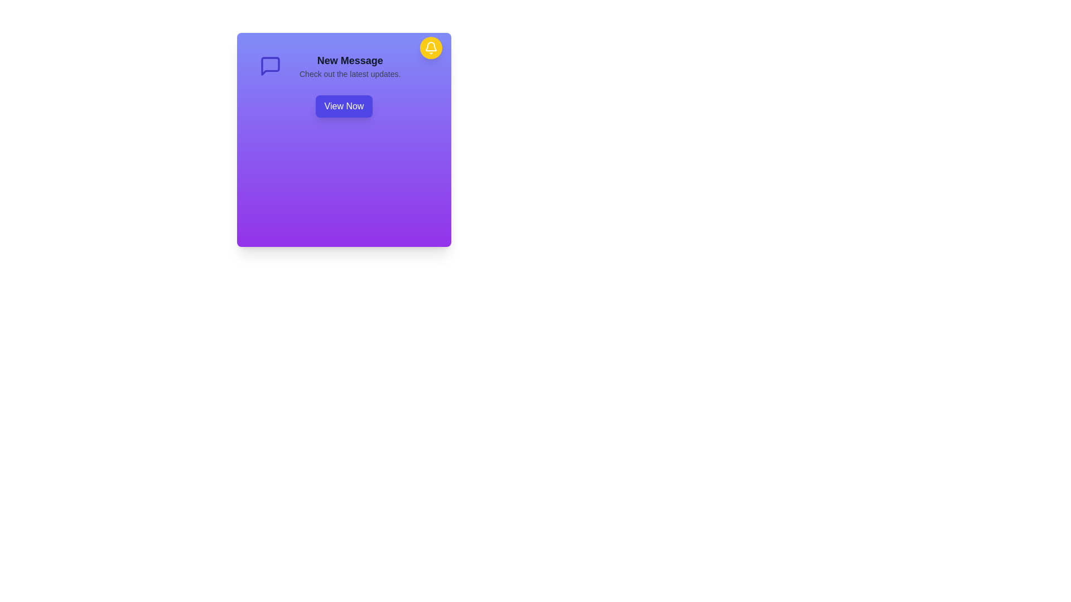  What do you see at coordinates (344, 106) in the screenshot?
I see `the 'View Now' button, which is indigo with white text and rounded corners, to observe its hover effects` at bounding box center [344, 106].